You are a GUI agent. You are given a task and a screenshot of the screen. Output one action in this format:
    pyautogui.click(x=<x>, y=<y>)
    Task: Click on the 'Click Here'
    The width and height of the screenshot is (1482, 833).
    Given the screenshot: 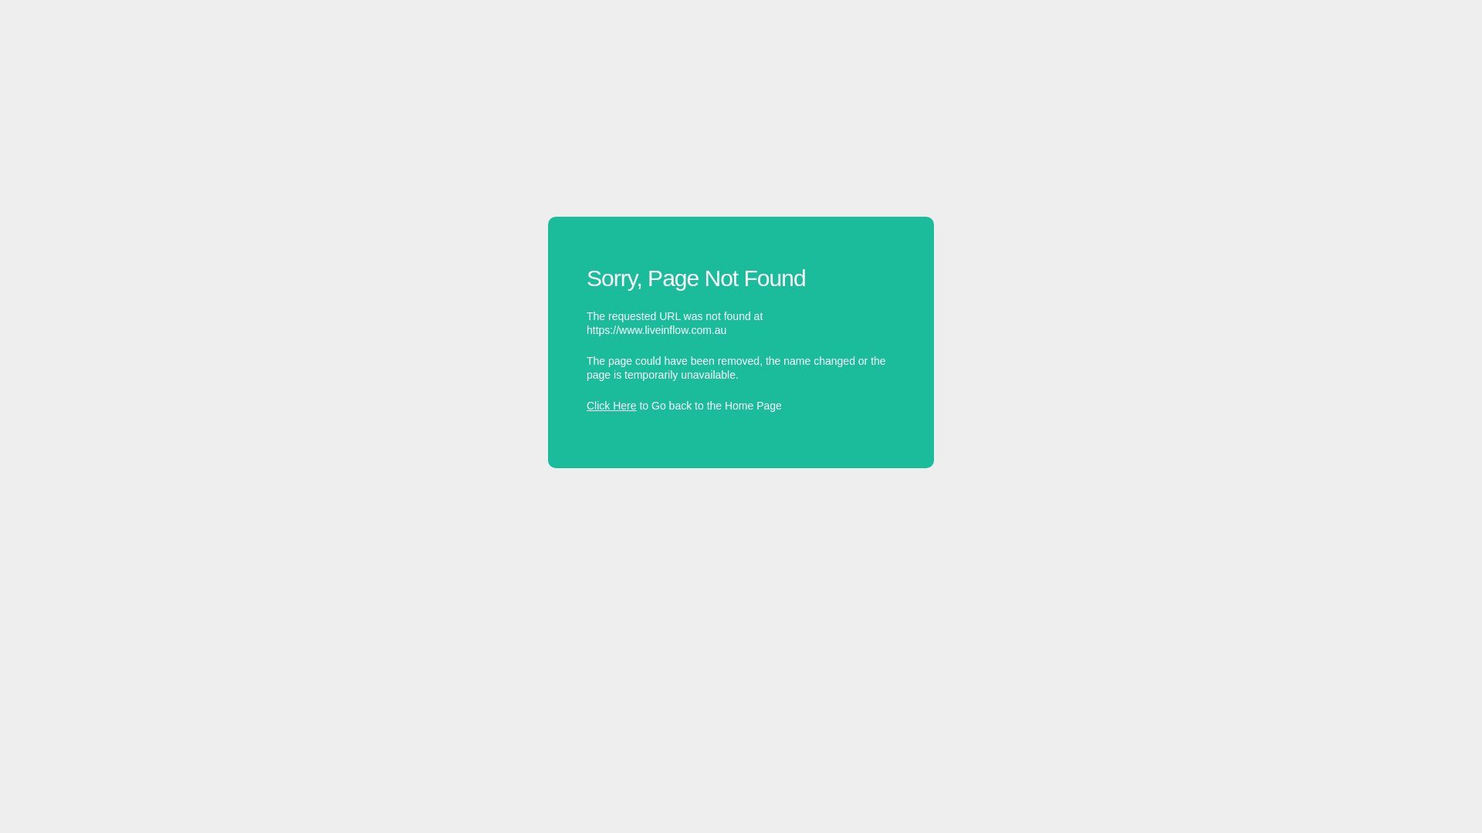 What is the action you would take?
    pyautogui.click(x=585, y=404)
    